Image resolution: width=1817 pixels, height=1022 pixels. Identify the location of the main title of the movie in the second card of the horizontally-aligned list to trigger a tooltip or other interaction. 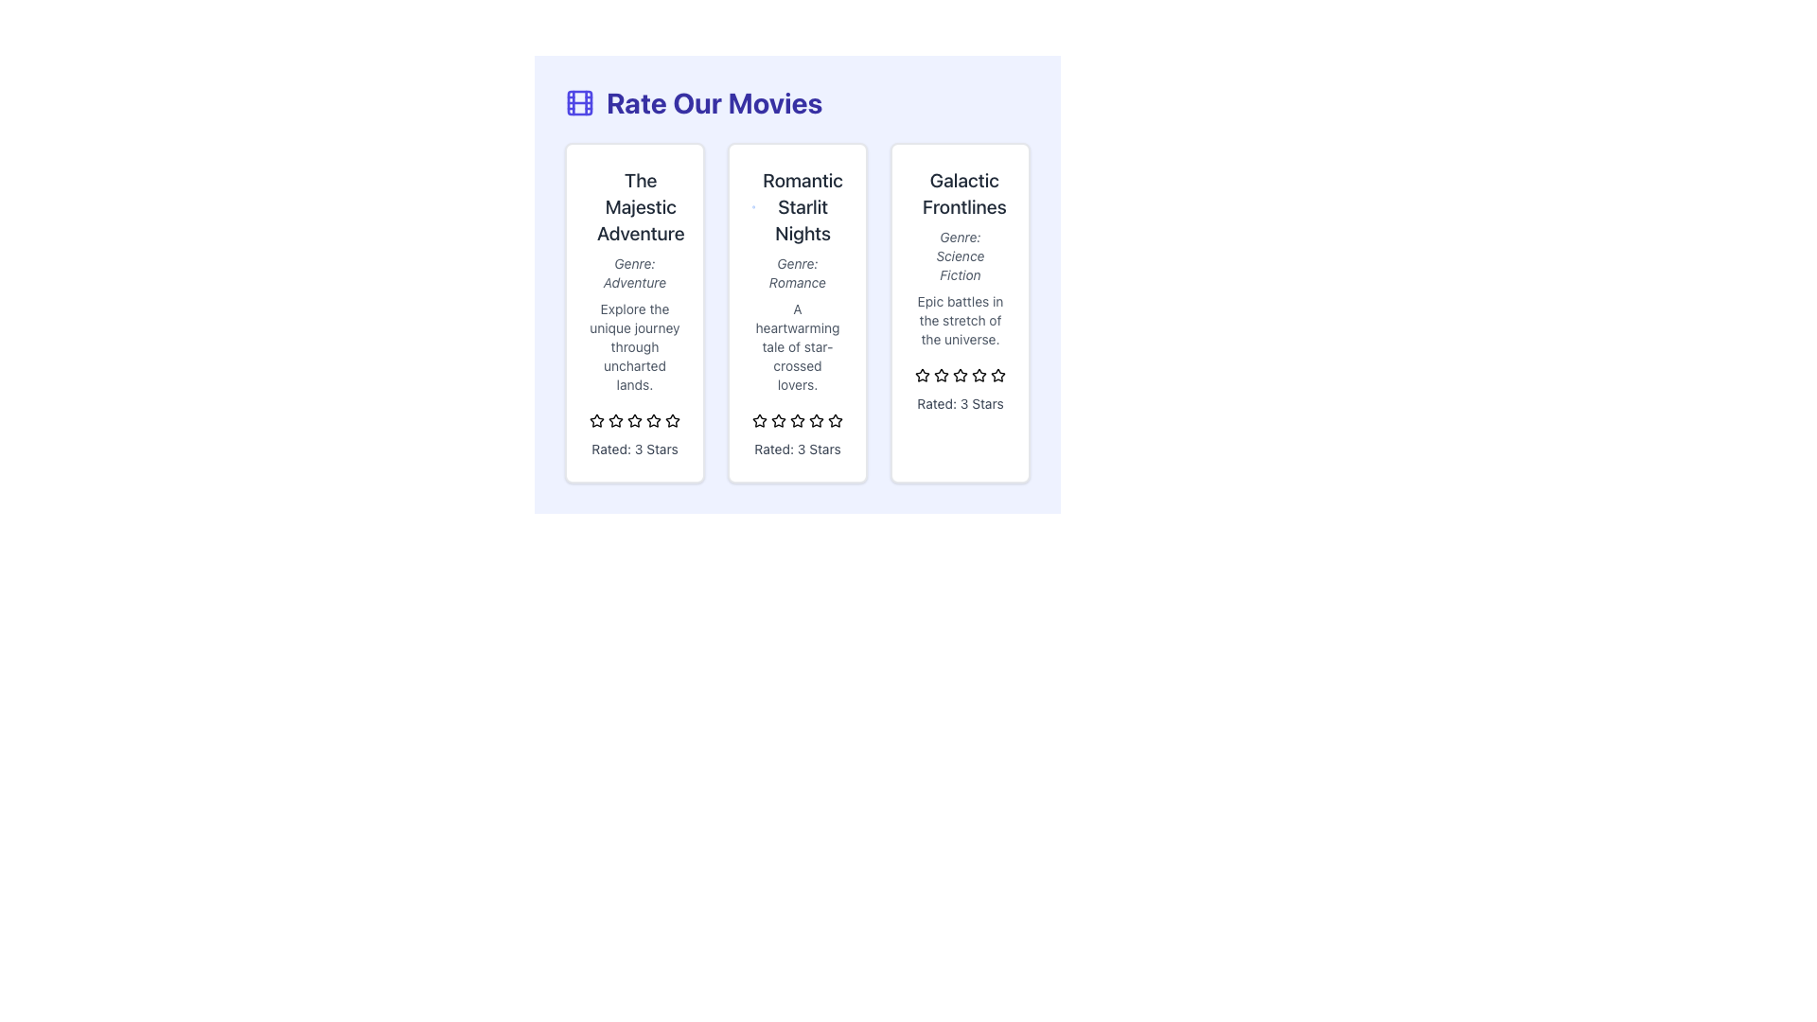
(798, 207).